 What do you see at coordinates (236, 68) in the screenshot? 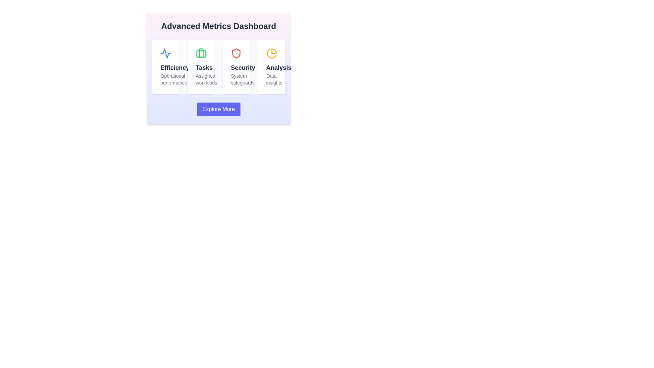
I see `the 'Security' text label that represents the system safeguards feature, positioned centrally below the red shield icon and above the subtitle 'System safeguards'` at bounding box center [236, 68].